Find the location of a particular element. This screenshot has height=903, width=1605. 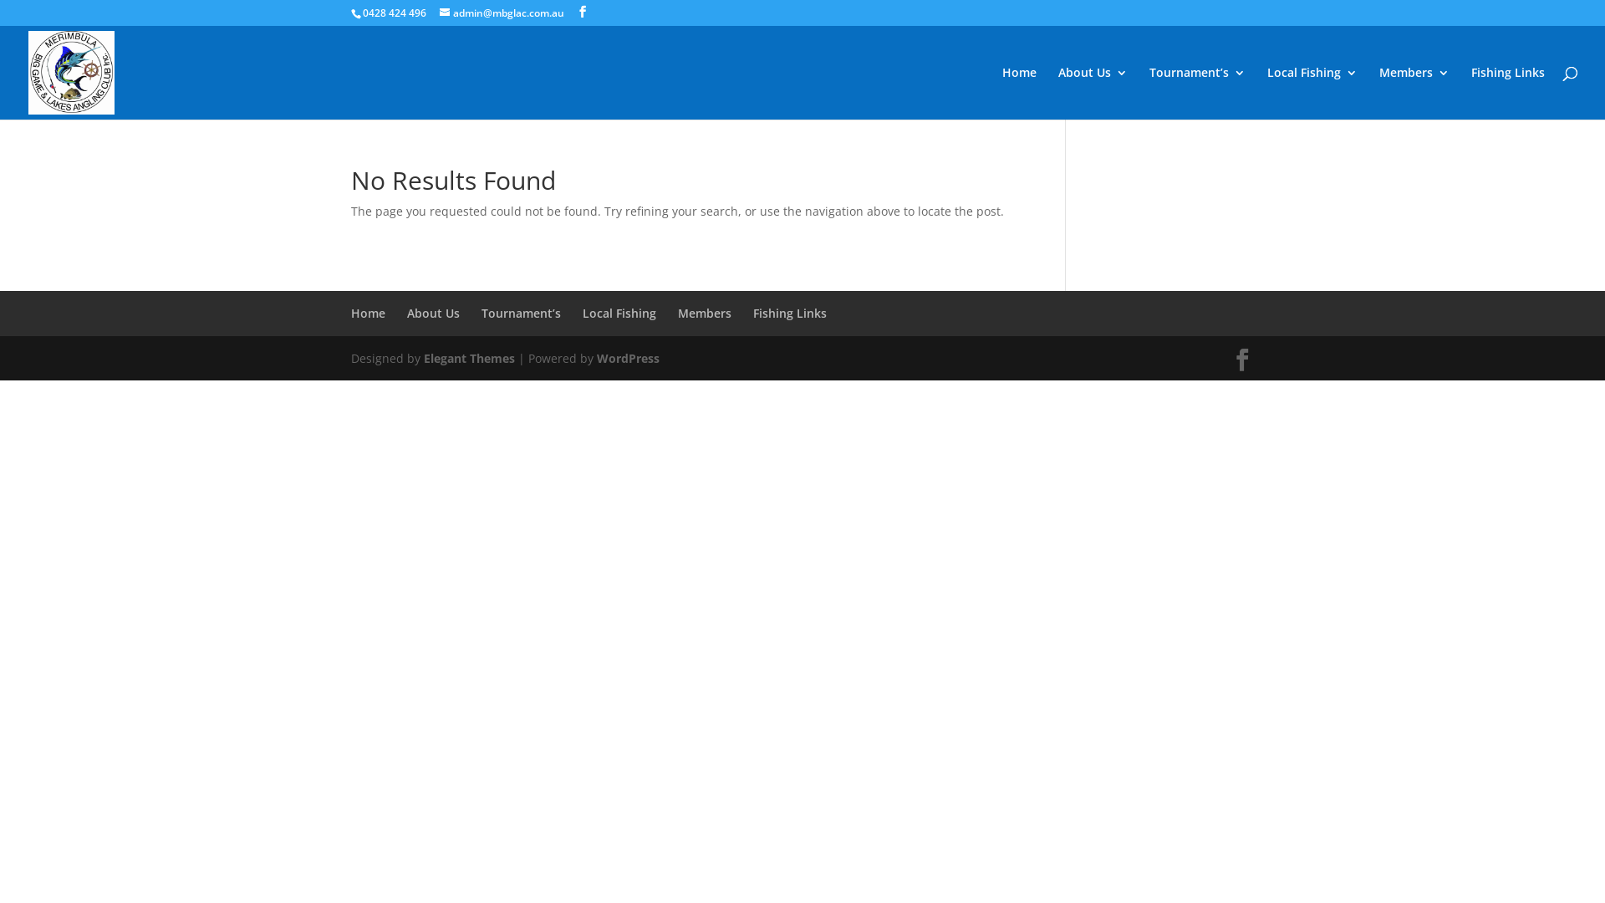

'About Us' is located at coordinates (433, 313).